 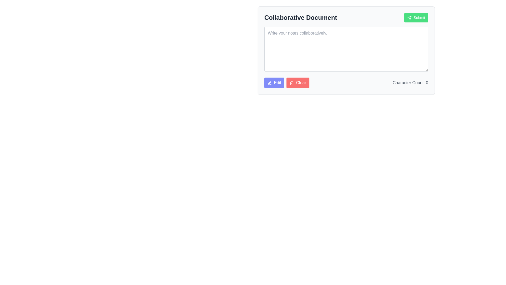 I want to click on the 'Clear' button, which is a rectangular button with white text on a red background, featuring a trash bin icon on the left side, located in the 'Collaborative Document' widget below the text input area, so click(x=298, y=83).